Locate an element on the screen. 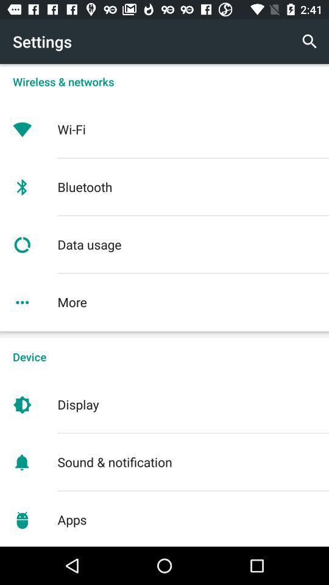 The image size is (329, 585). icon at the top right corner is located at coordinates (310, 41).